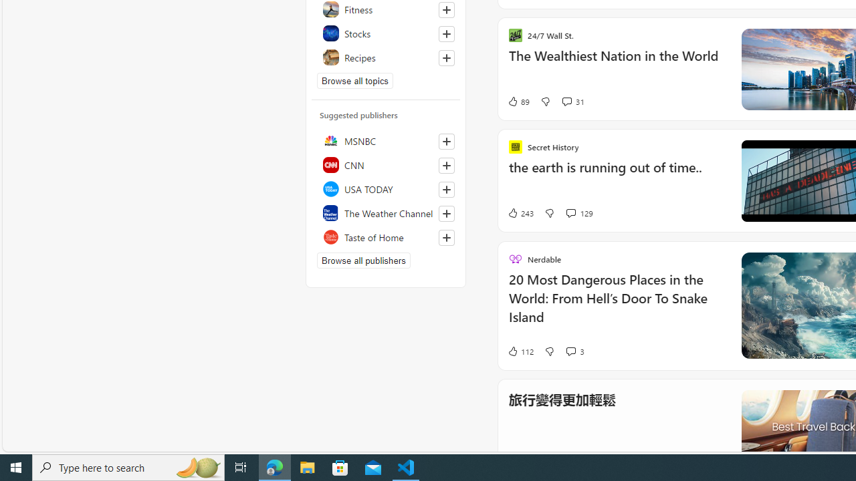  What do you see at coordinates (520, 212) in the screenshot?
I see `'243 Like'` at bounding box center [520, 212].